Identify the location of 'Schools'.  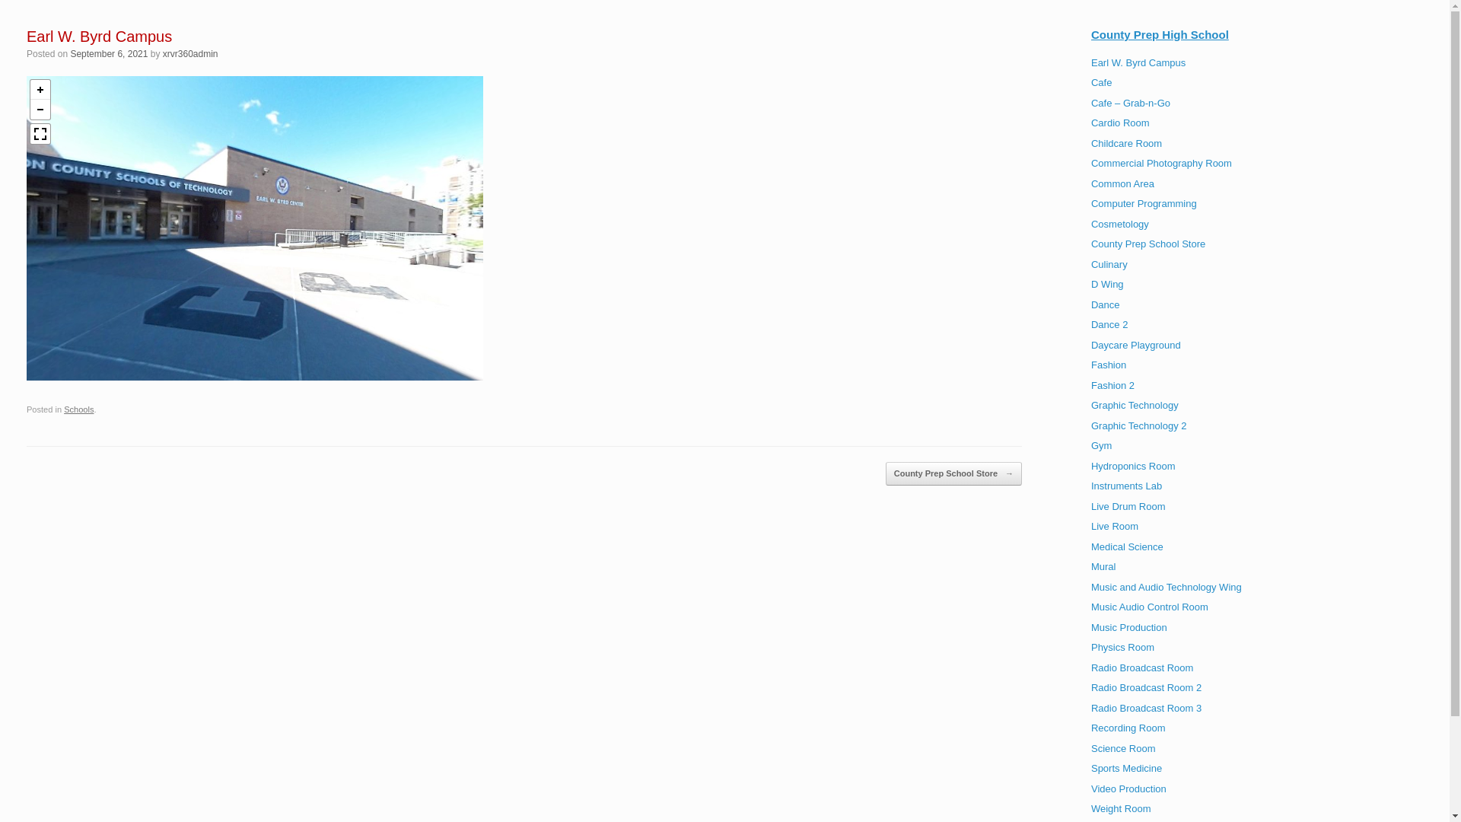
(78, 408).